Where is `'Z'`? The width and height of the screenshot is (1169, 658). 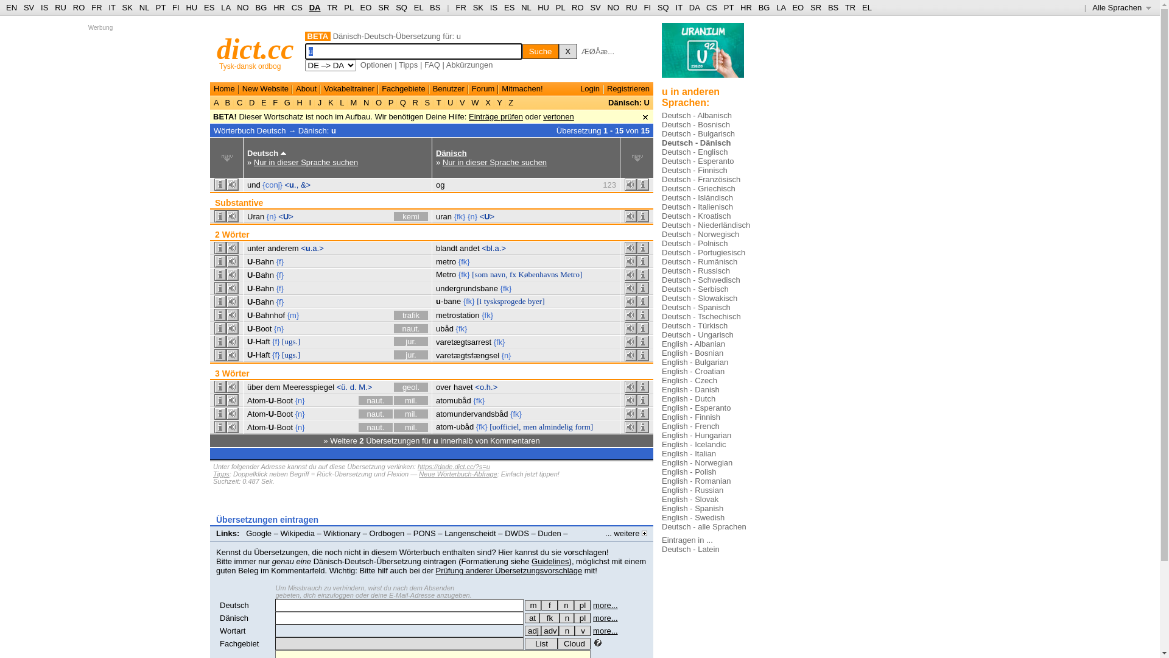 'Z' is located at coordinates (511, 102).